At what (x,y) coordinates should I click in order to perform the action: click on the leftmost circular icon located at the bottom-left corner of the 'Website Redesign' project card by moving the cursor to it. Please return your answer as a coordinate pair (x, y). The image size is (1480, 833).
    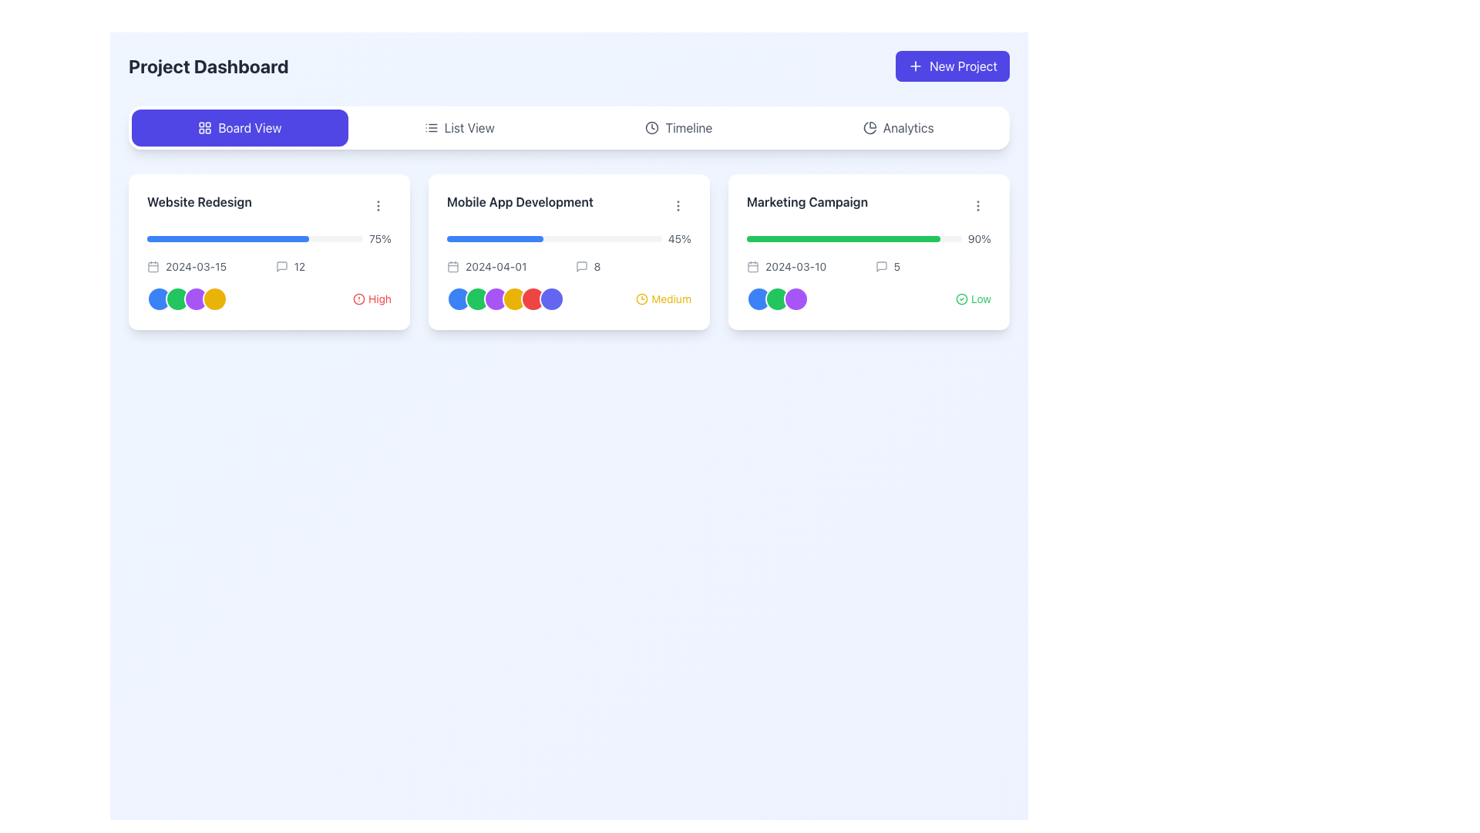
    Looking at the image, I should click on (159, 299).